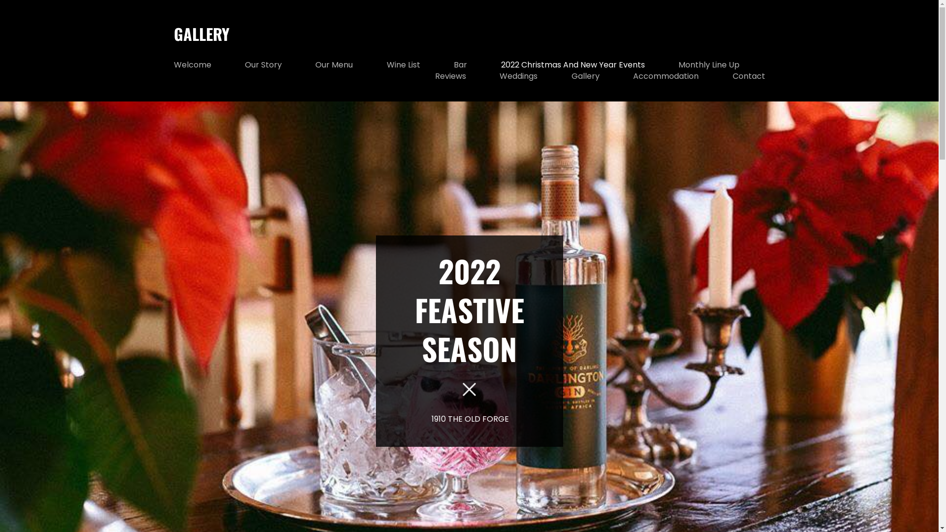 Image resolution: width=946 pixels, height=532 pixels. Describe the element at coordinates (573, 65) in the screenshot. I see `'2022 Christmas And New Year Events'` at that location.